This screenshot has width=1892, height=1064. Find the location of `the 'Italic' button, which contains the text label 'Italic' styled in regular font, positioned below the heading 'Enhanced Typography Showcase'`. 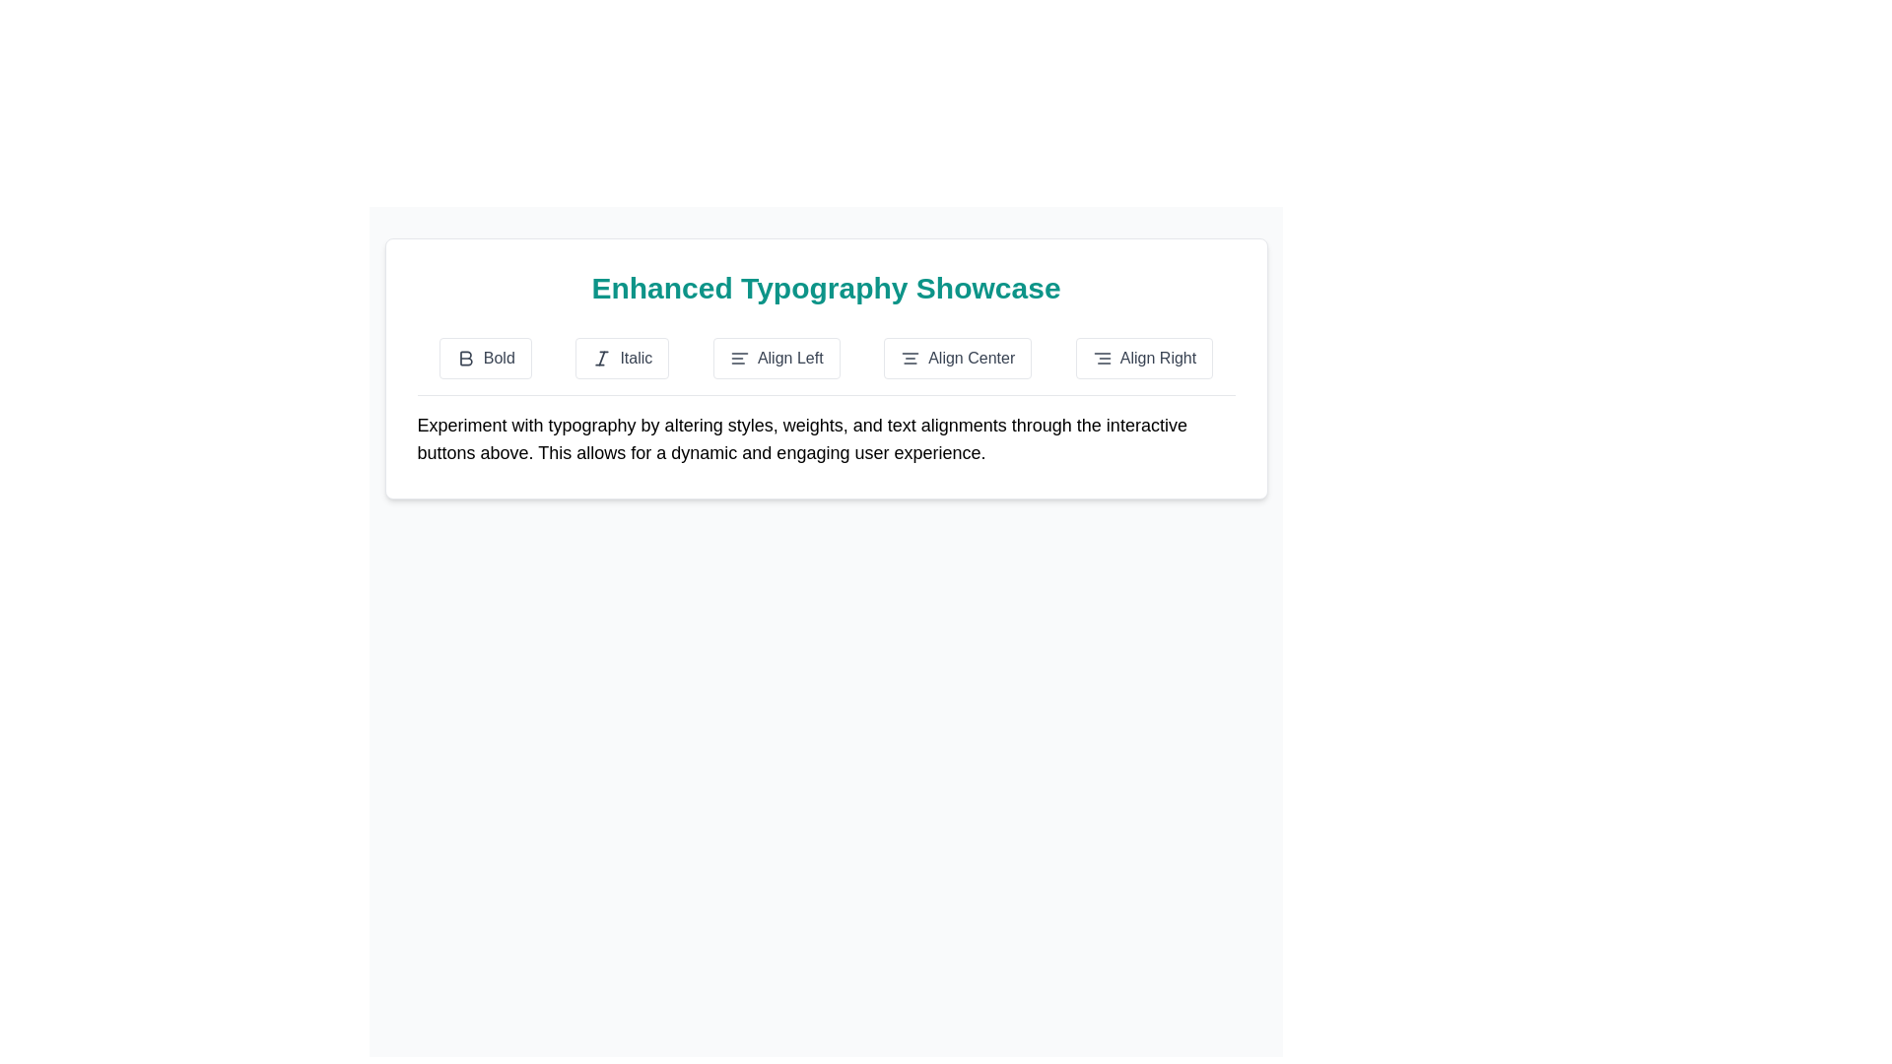

the 'Italic' button, which contains the text label 'Italic' styled in regular font, positioned below the heading 'Enhanced Typography Showcase' is located at coordinates (636, 358).